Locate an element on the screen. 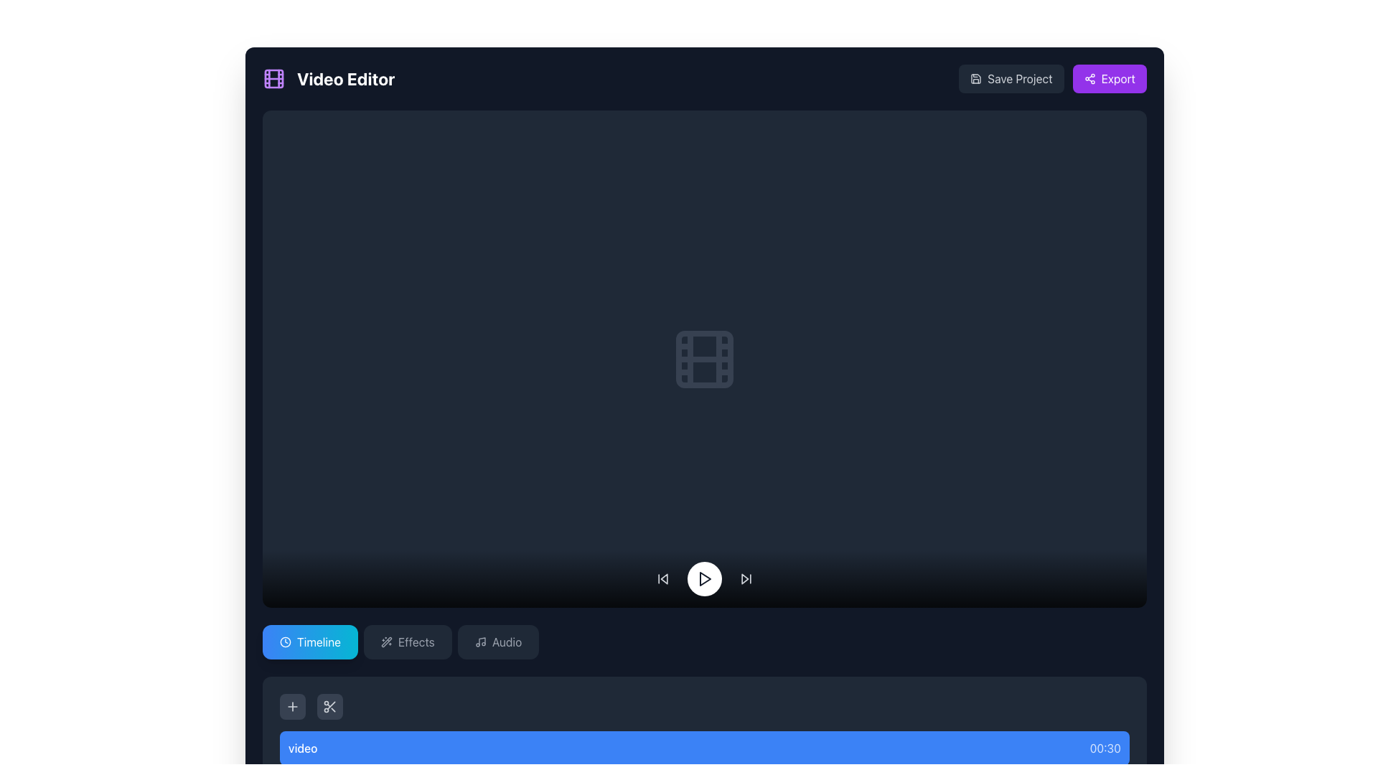  the 'Export' button located at the top-right corner of the interface, which has a purple background and white text is located at coordinates (1108, 79).